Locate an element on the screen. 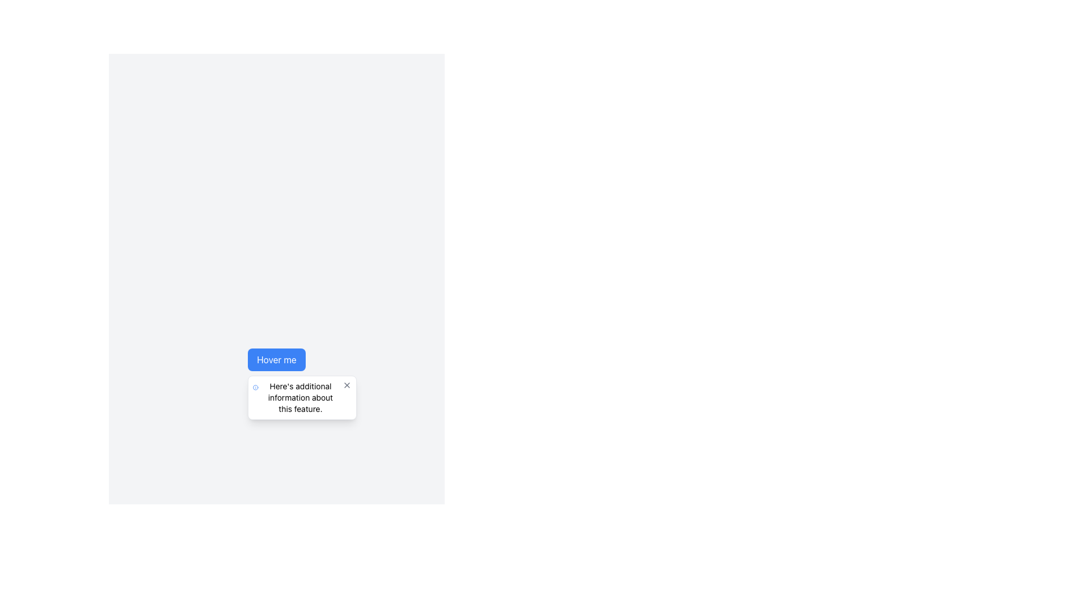  information presented in the tooltip box that appears below the 'Hover me' button, featuring a blue circular information icon and the text 'Here's additional information about this feature.' is located at coordinates (302, 397).